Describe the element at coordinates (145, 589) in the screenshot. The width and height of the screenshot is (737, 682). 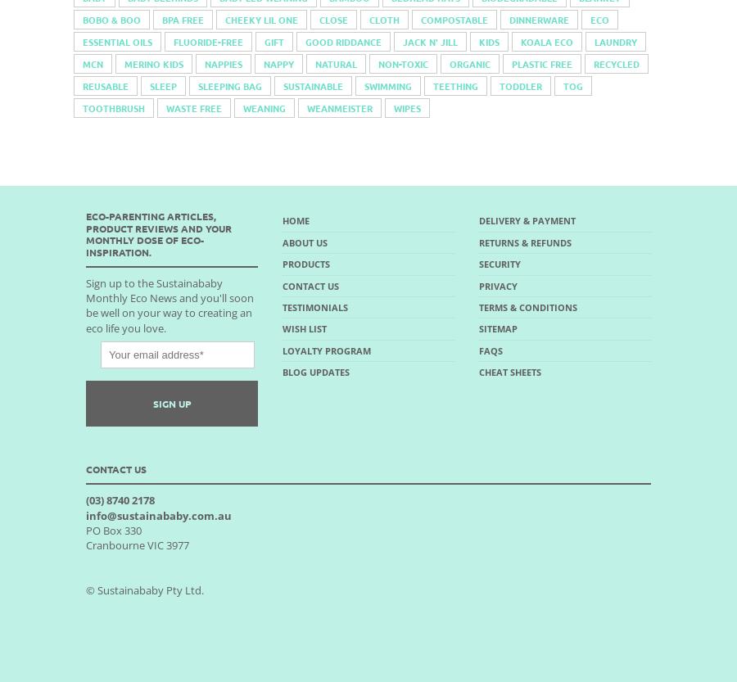
I see `'© Sustainababy Pty Ltd.'` at that location.